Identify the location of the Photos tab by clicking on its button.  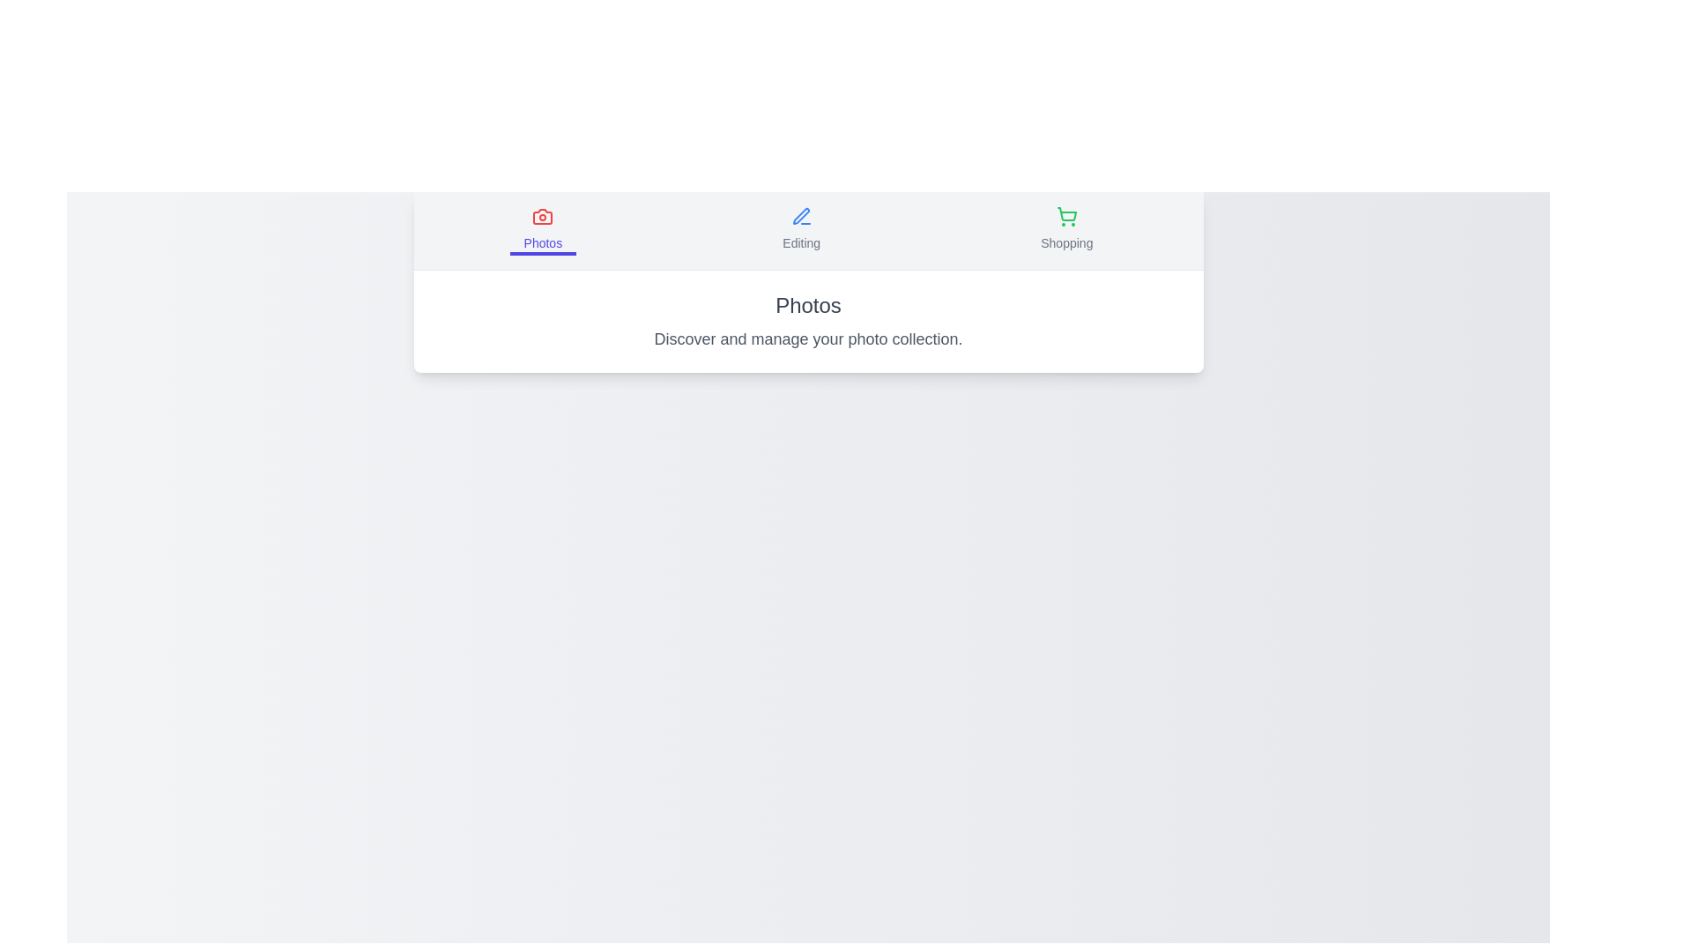
(542, 230).